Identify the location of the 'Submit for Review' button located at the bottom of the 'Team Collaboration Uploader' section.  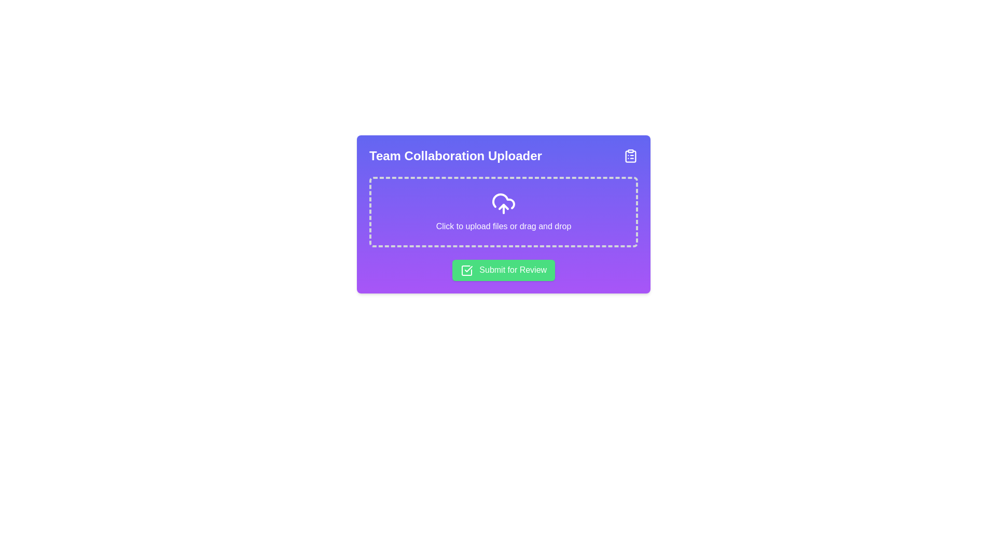
(503, 250).